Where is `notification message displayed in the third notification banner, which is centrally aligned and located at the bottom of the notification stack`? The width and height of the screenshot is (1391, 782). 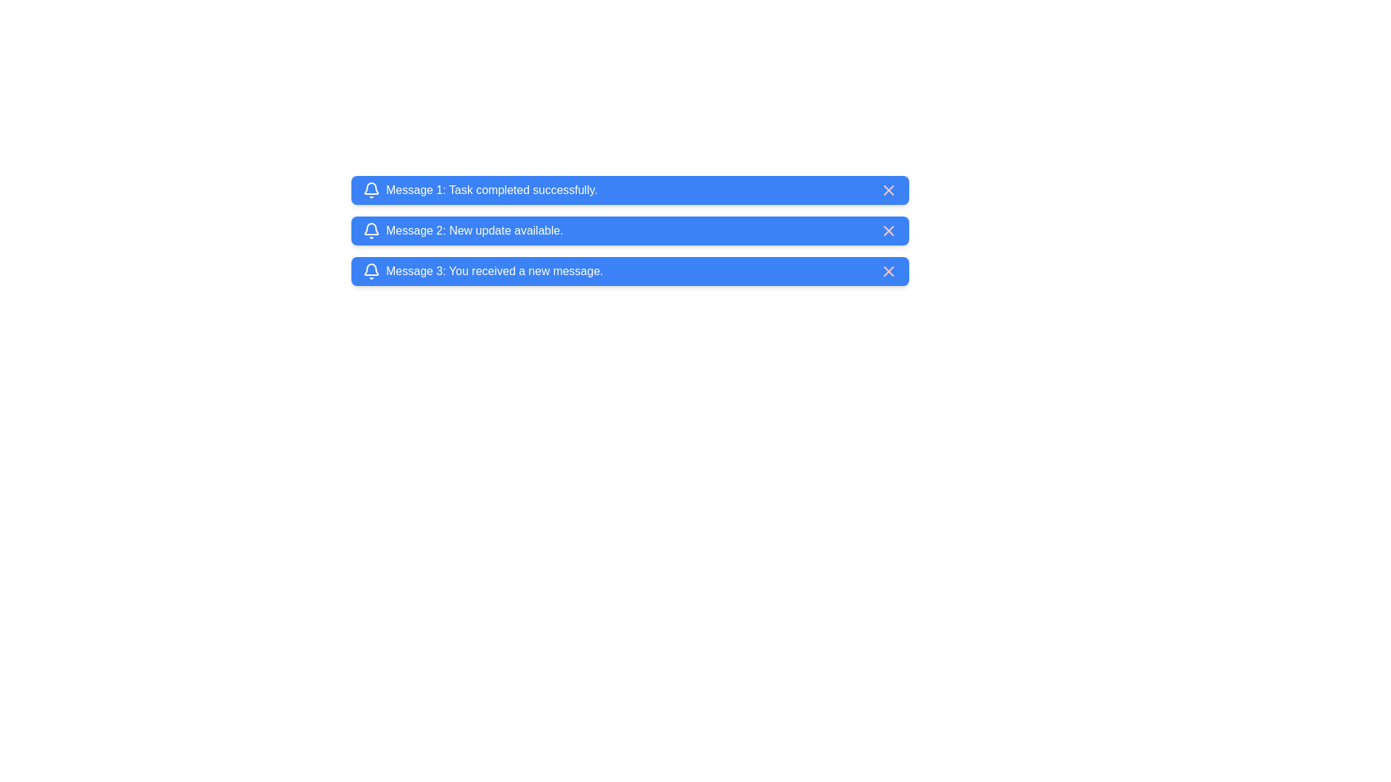
notification message displayed in the third notification banner, which is centrally aligned and located at the bottom of the notification stack is located at coordinates (630, 271).